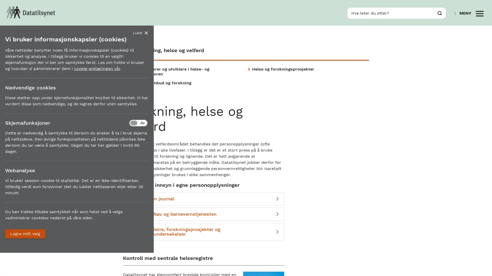 This screenshot has height=276, width=492. What do you see at coordinates (471, 13) in the screenshot?
I see `MENY VIS/SKJUL MENY` at bounding box center [471, 13].